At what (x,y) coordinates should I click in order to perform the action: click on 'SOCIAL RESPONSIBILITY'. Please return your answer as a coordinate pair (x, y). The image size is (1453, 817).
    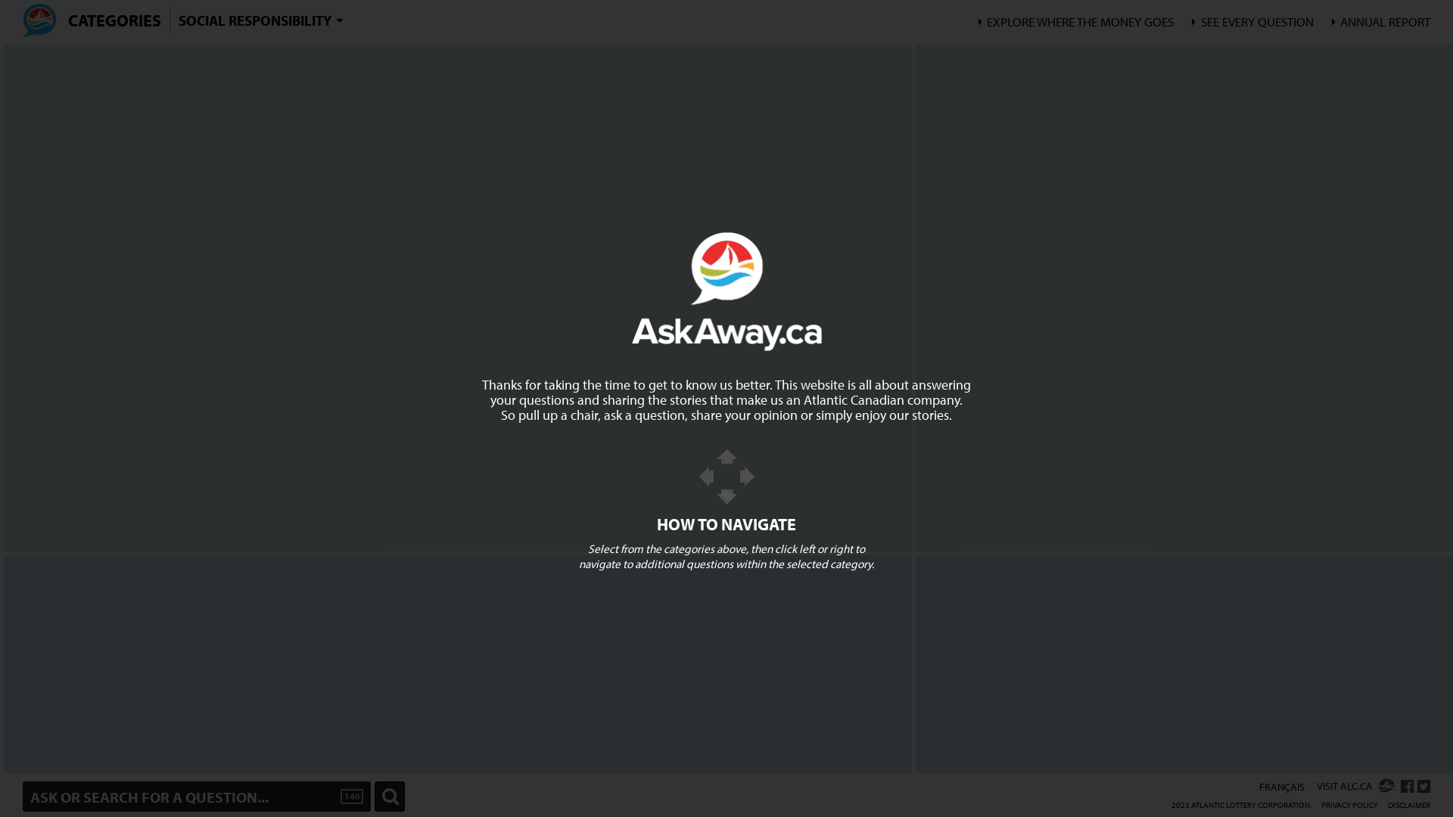
    Looking at the image, I should click on (260, 20).